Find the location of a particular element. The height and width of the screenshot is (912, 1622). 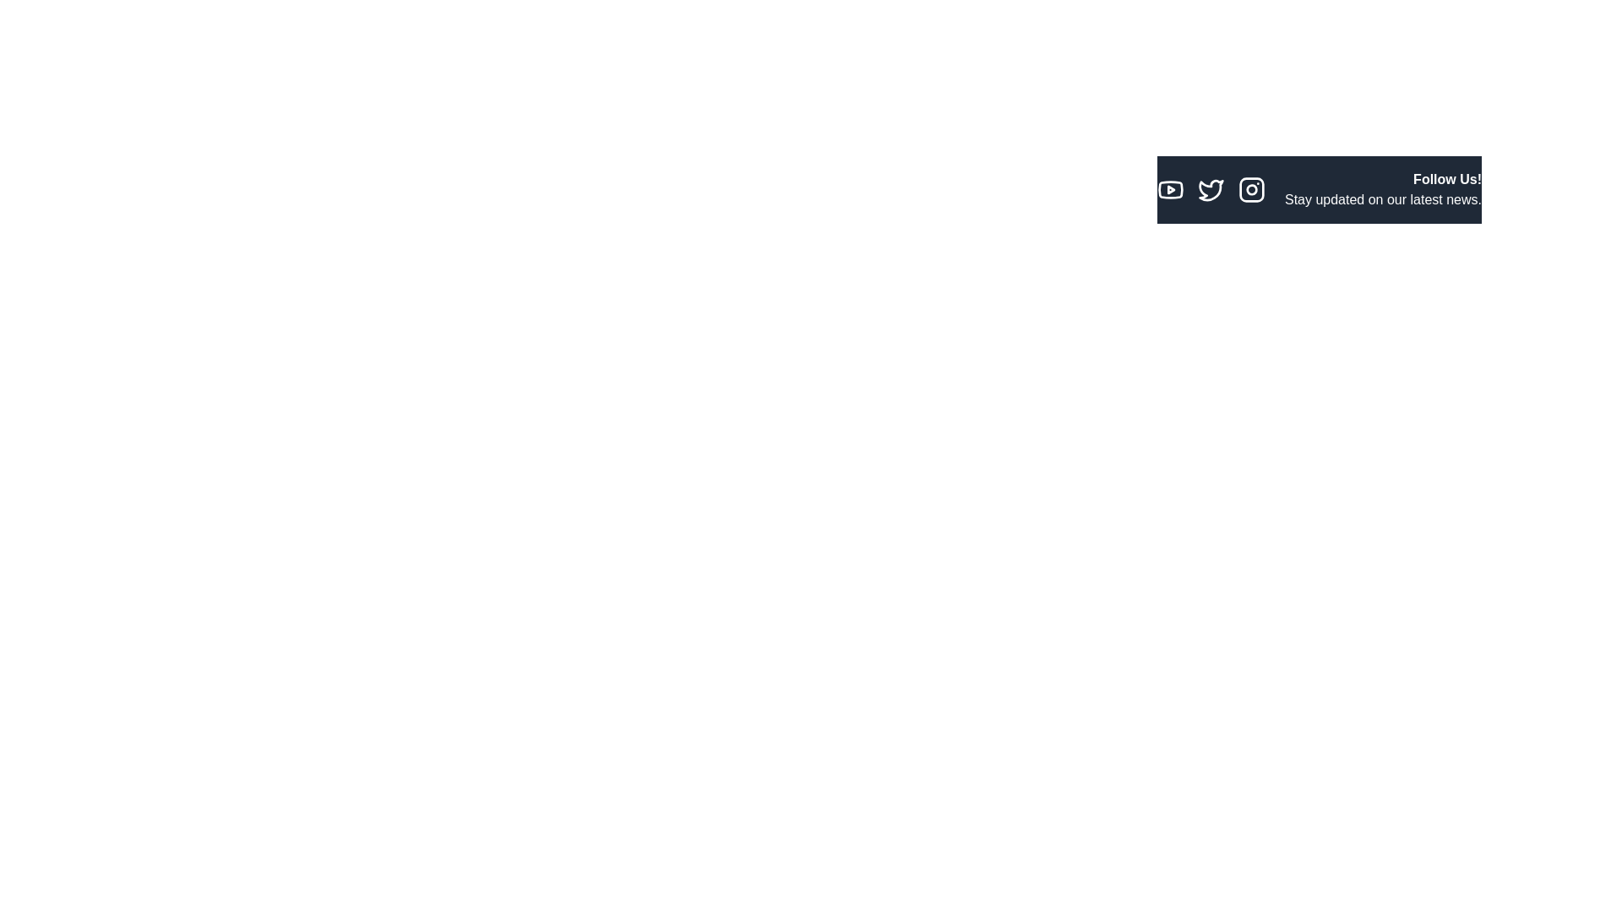

the YouTube icon, which is the first item in a horizontal group of social media icons is located at coordinates (1170, 189).